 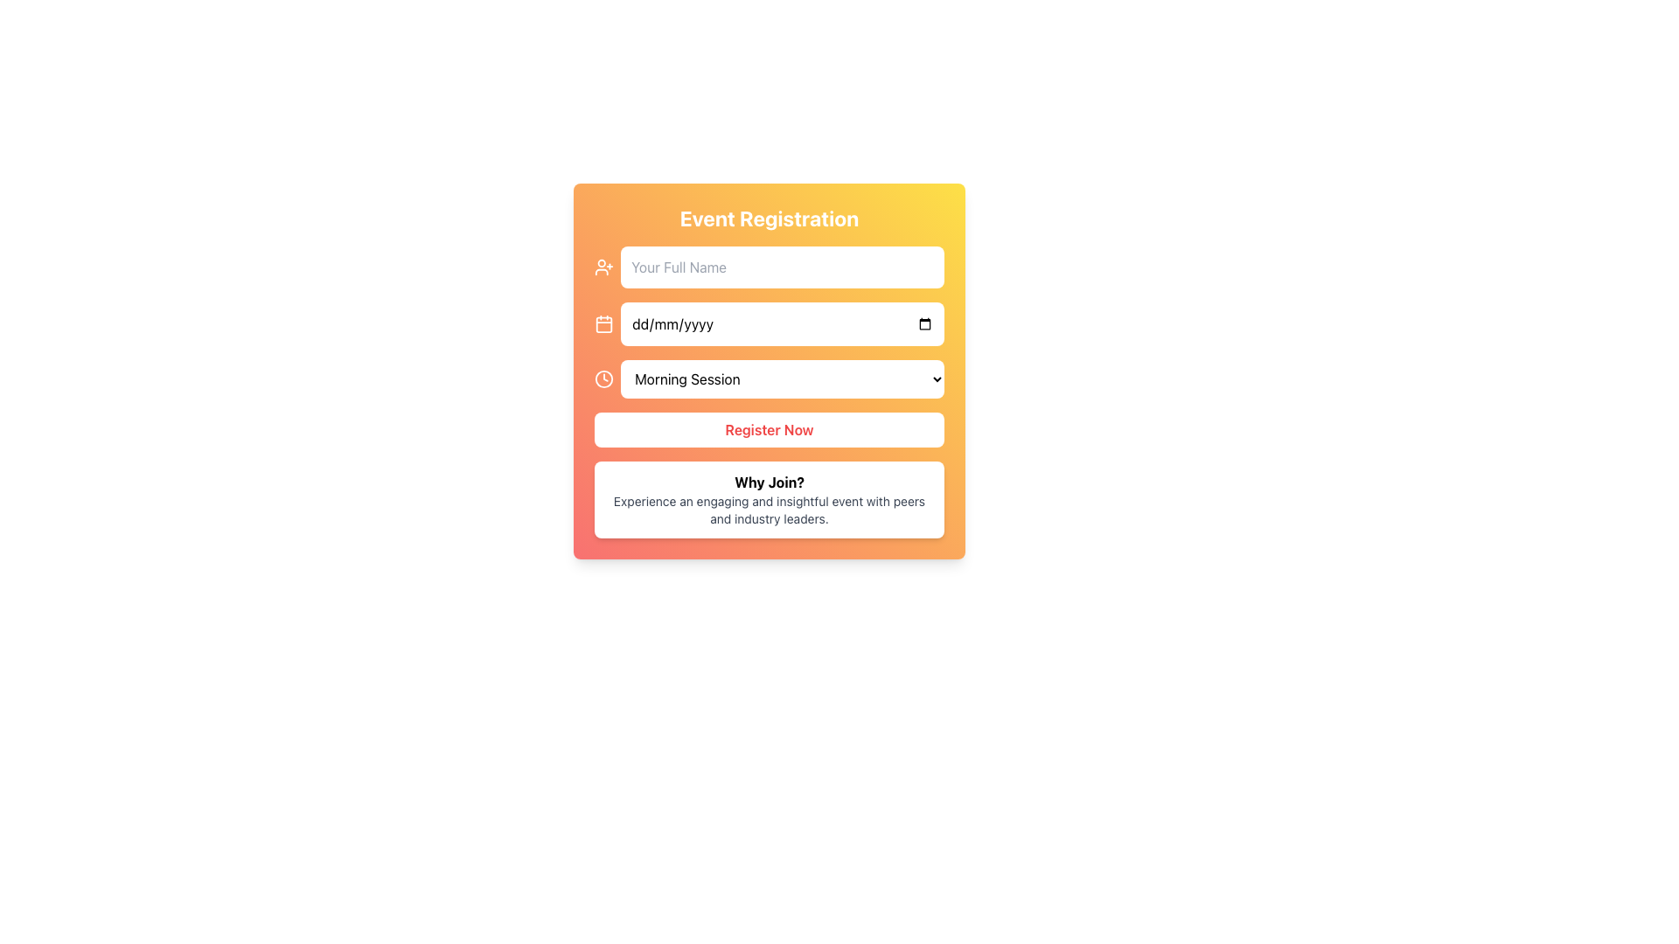 What do you see at coordinates (769, 510) in the screenshot?
I see `the informational text located directly below the 'Why Join?' heading in the registration card interface` at bounding box center [769, 510].